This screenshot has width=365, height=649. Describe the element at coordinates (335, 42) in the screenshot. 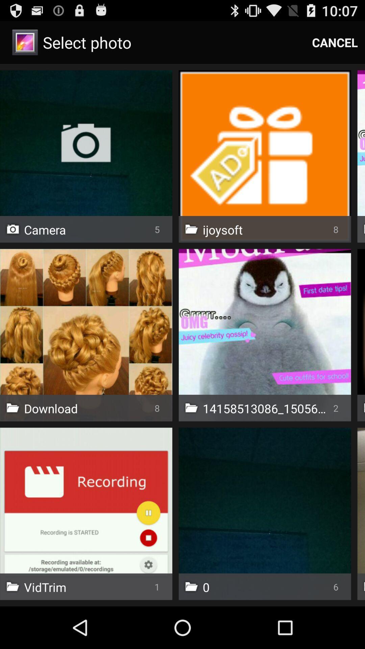

I see `the icon at the top right corner` at that location.